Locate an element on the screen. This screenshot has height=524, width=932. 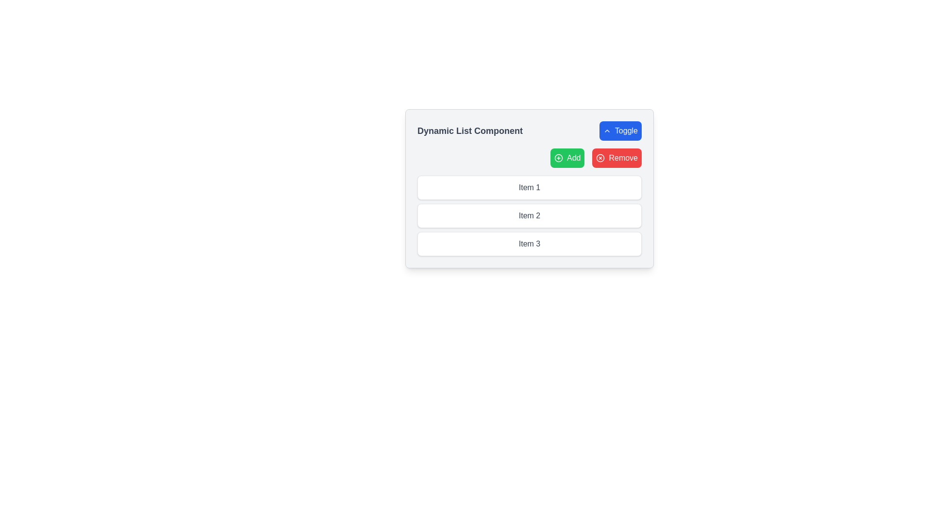
an item within the dynamic list located below the 'Add' and 'Remove' buttons in the 'Dynamic List Component' is located at coordinates (529, 215).